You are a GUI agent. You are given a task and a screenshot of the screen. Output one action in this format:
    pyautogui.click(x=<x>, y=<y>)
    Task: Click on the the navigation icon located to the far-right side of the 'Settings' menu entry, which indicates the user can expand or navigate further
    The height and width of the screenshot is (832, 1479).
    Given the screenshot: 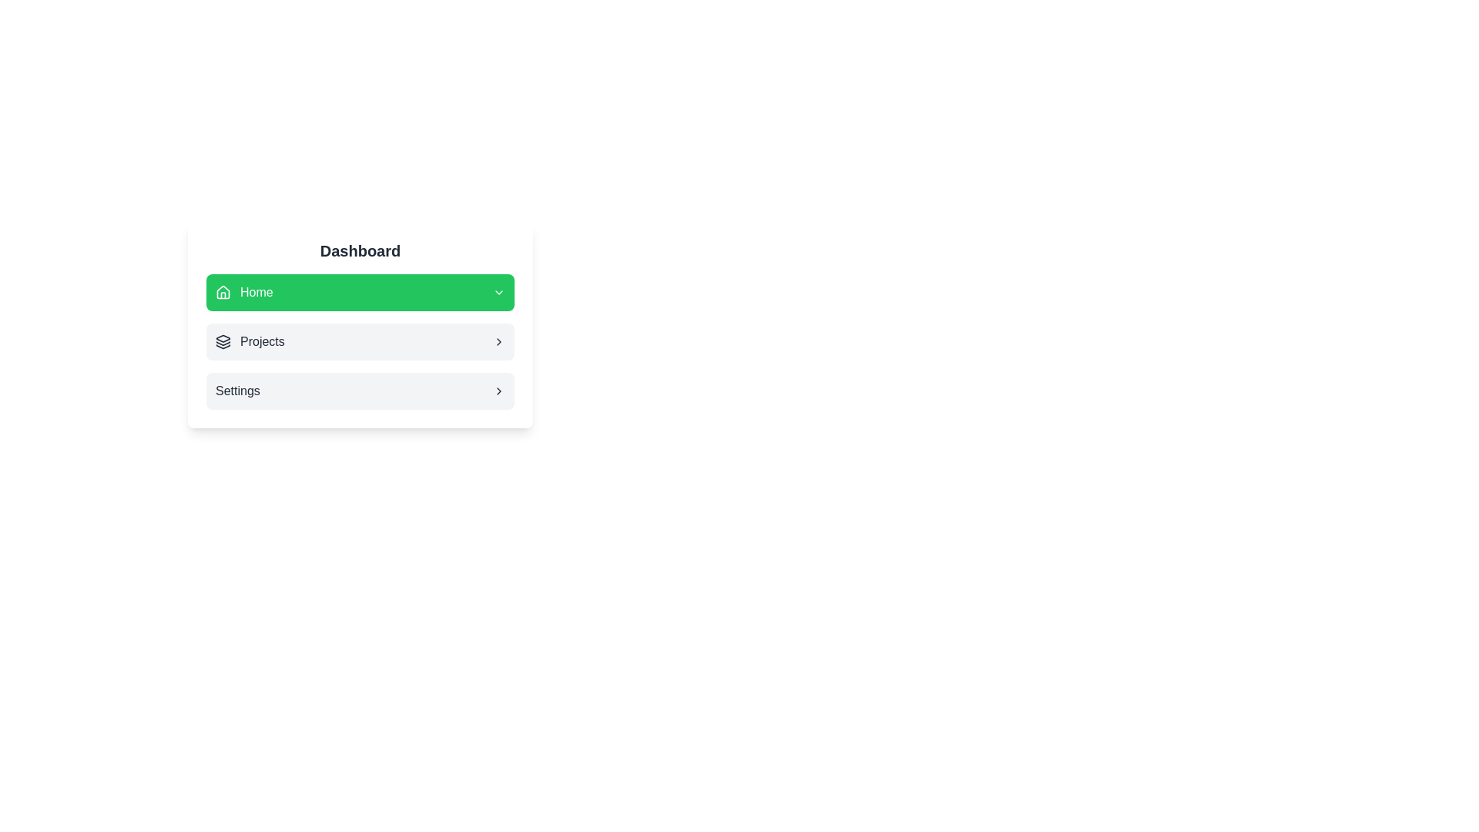 What is the action you would take?
    pyautogui.click(x=499, y=391)
    